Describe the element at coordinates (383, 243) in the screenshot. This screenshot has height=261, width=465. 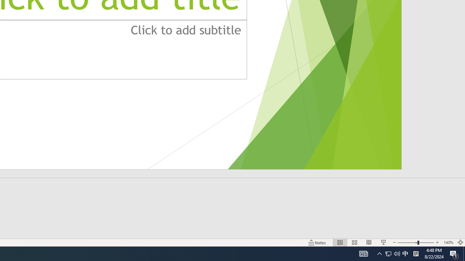
I see `'Slide Show'` at that location.